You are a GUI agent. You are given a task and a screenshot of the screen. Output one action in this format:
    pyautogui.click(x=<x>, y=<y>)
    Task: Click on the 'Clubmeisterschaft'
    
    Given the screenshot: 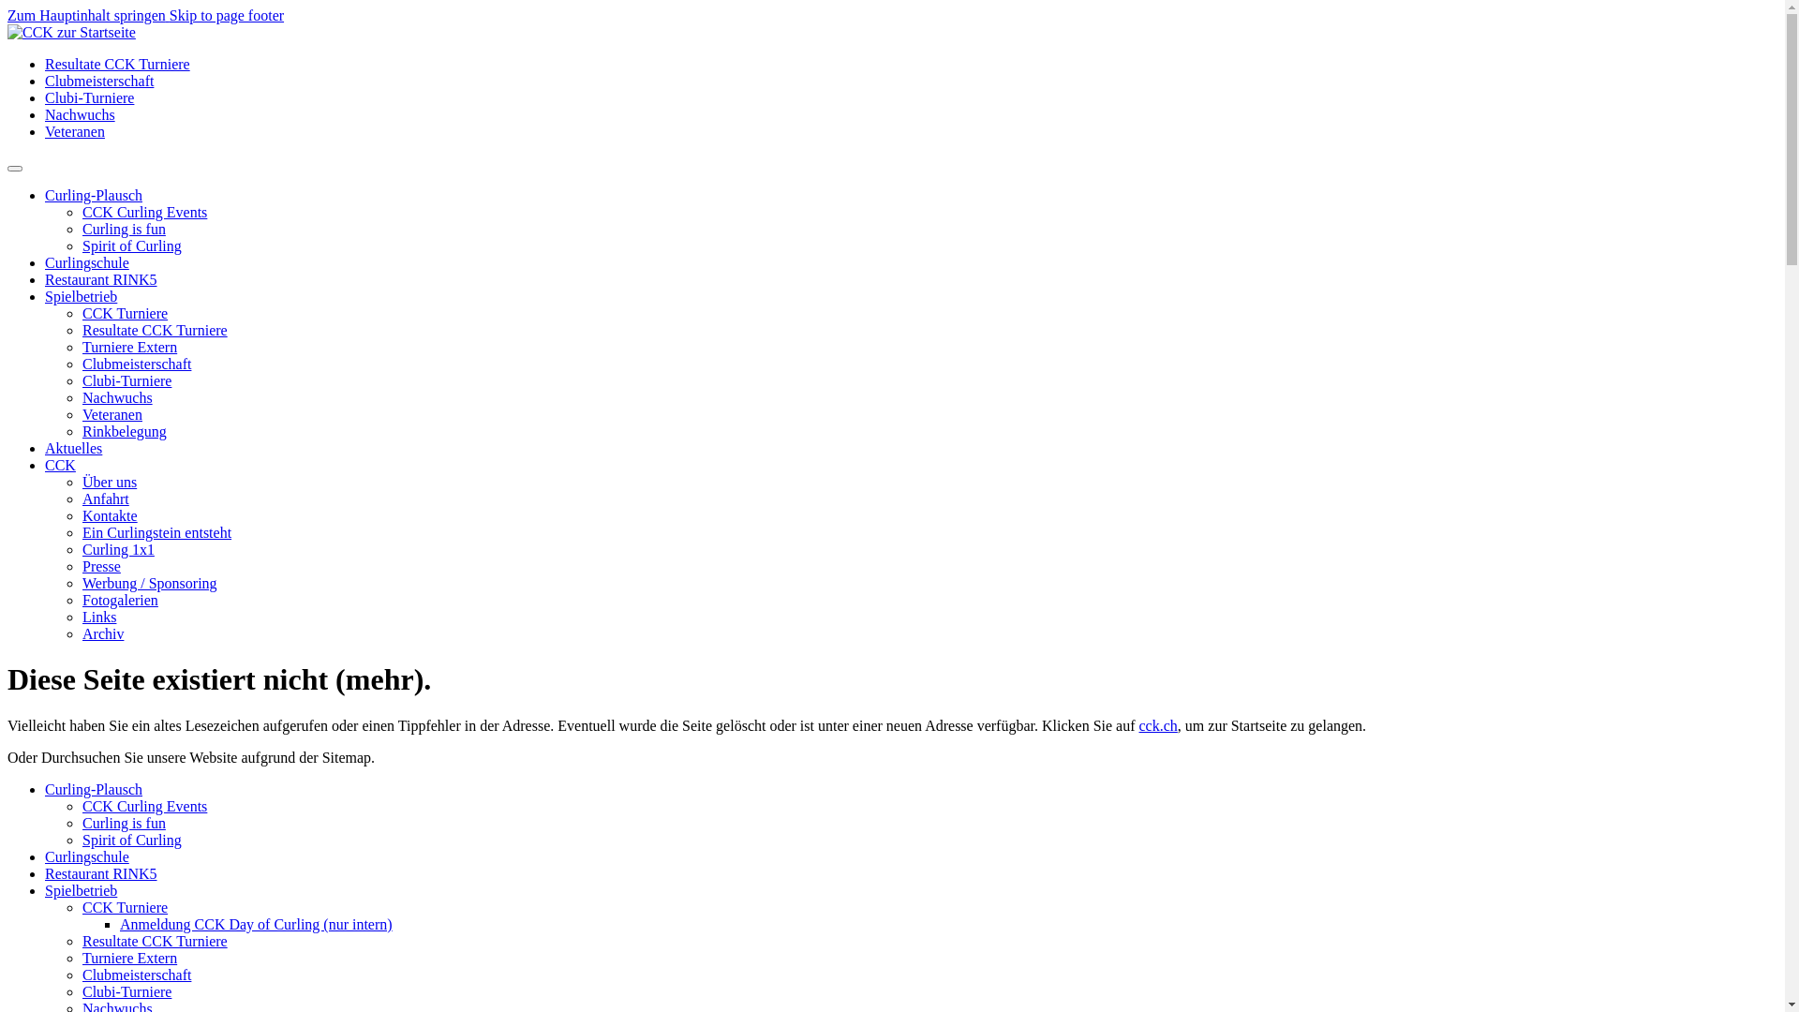 What is the action you would take?
    pyautogui.click(x=135, y=364)
    